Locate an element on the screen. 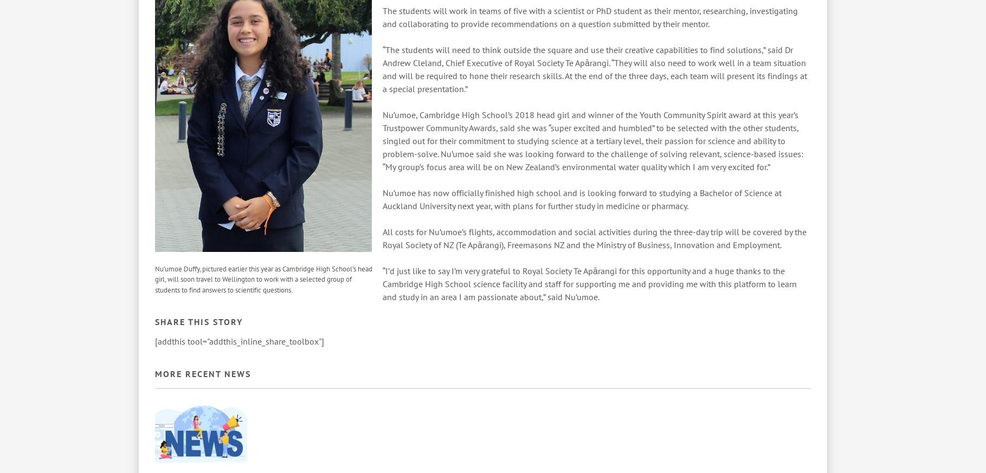 The width and height of the screenshot is (986, 473). '“I’d just like to say I’m very grateful to Royal Society Te Apārangi for this opportunity and a huge thanks to the Cambridge High School science facility and staff for supporting me and providing me with this platform to learn and study in an area I am passionate about,” said Nu’umoe.' is located at coordinates (589, 283).